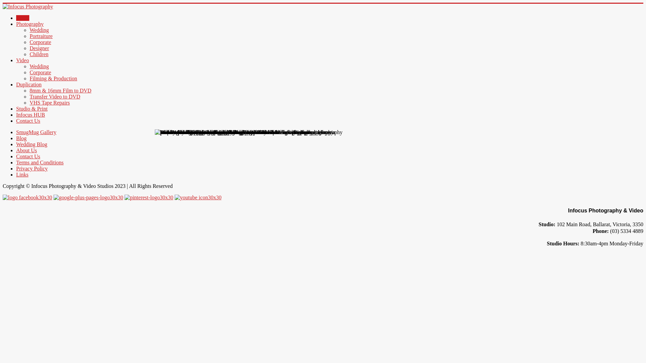 The width and height of the screenshot is (646, 363). What do you see at coordinates (36, 132) in the screenshot?
I see `'SmugMug Gallery'` at bounding box center [36, 132].